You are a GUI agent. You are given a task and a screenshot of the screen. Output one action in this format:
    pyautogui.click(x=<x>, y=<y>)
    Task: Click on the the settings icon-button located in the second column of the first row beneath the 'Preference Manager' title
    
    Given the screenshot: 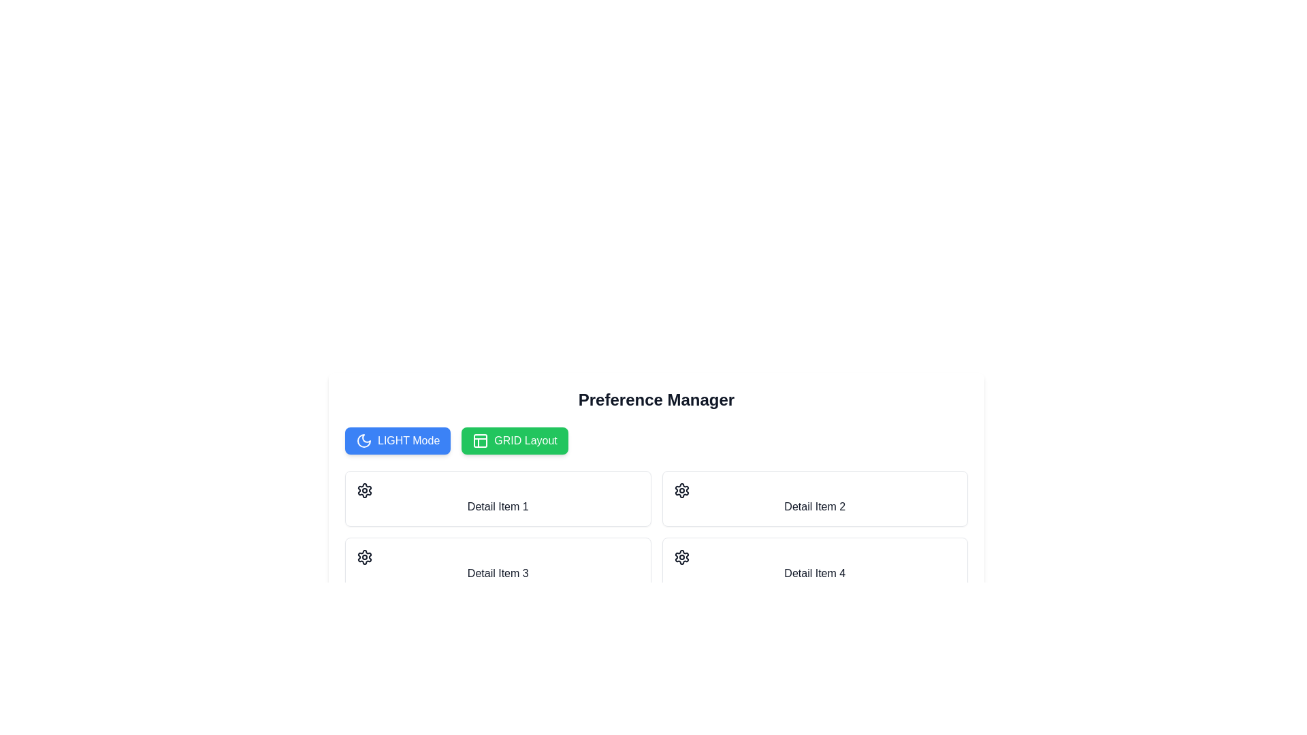 What is the action you would take?
    pyautogui.click(x=681, y=491)
    